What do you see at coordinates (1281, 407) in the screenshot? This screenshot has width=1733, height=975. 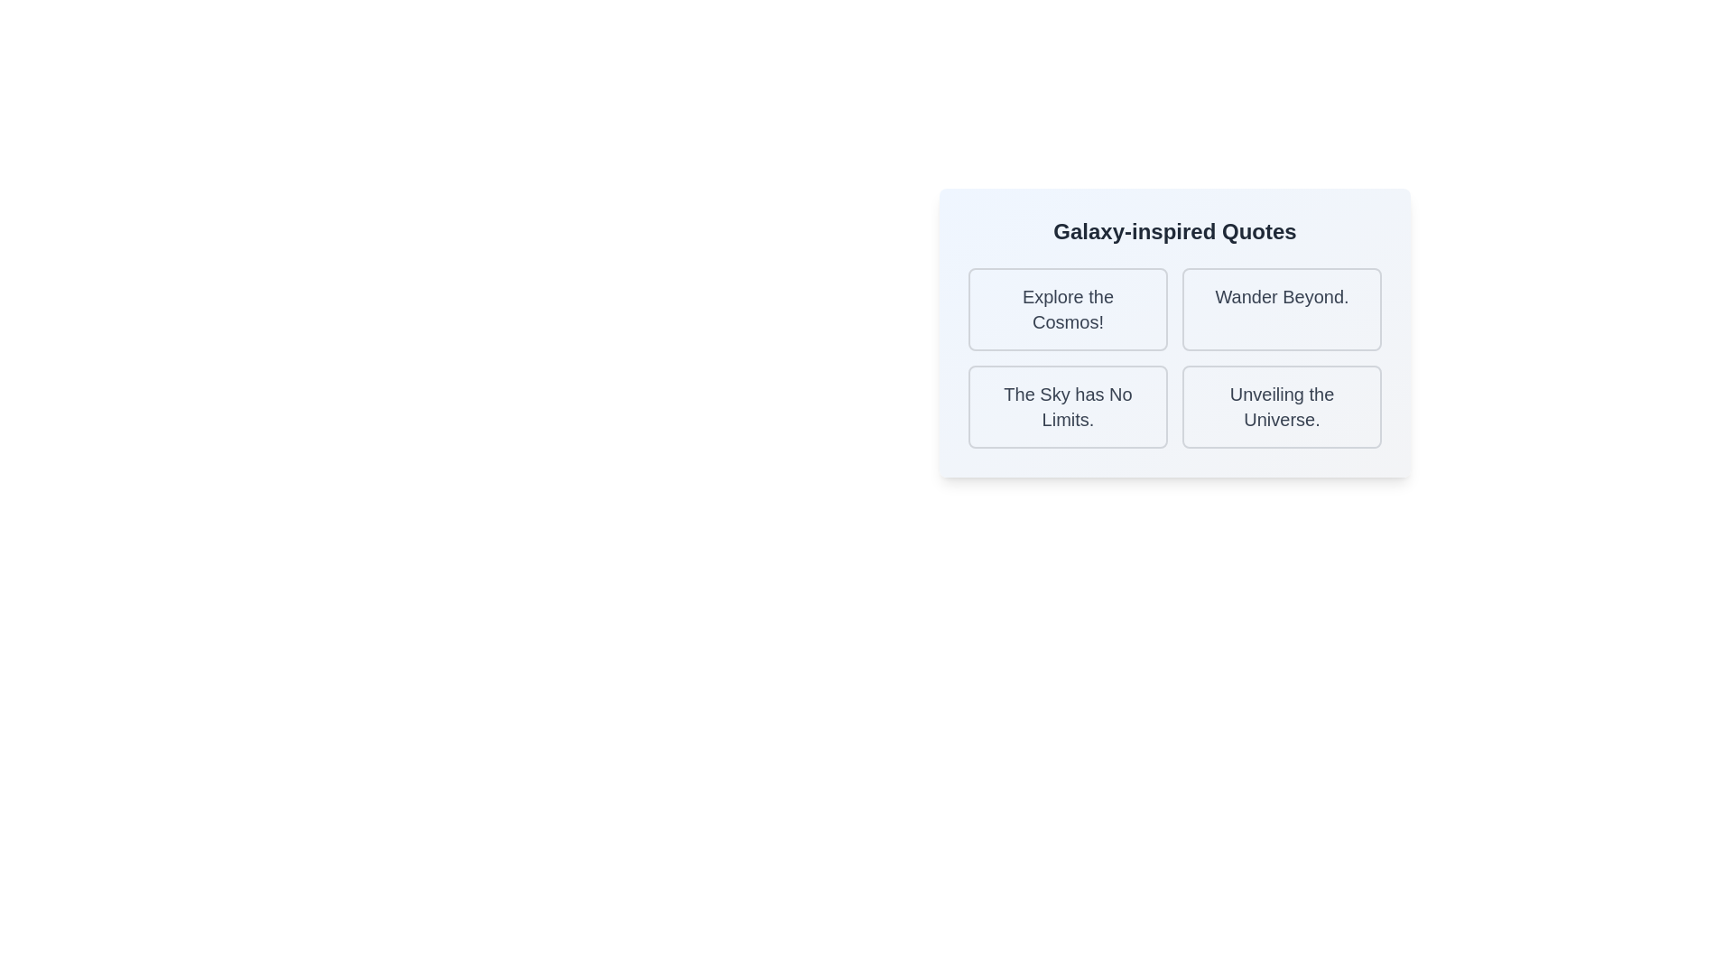 I see `the text panel displaying 'Unveiling the Universe'` at bounding box center [1281, 407].